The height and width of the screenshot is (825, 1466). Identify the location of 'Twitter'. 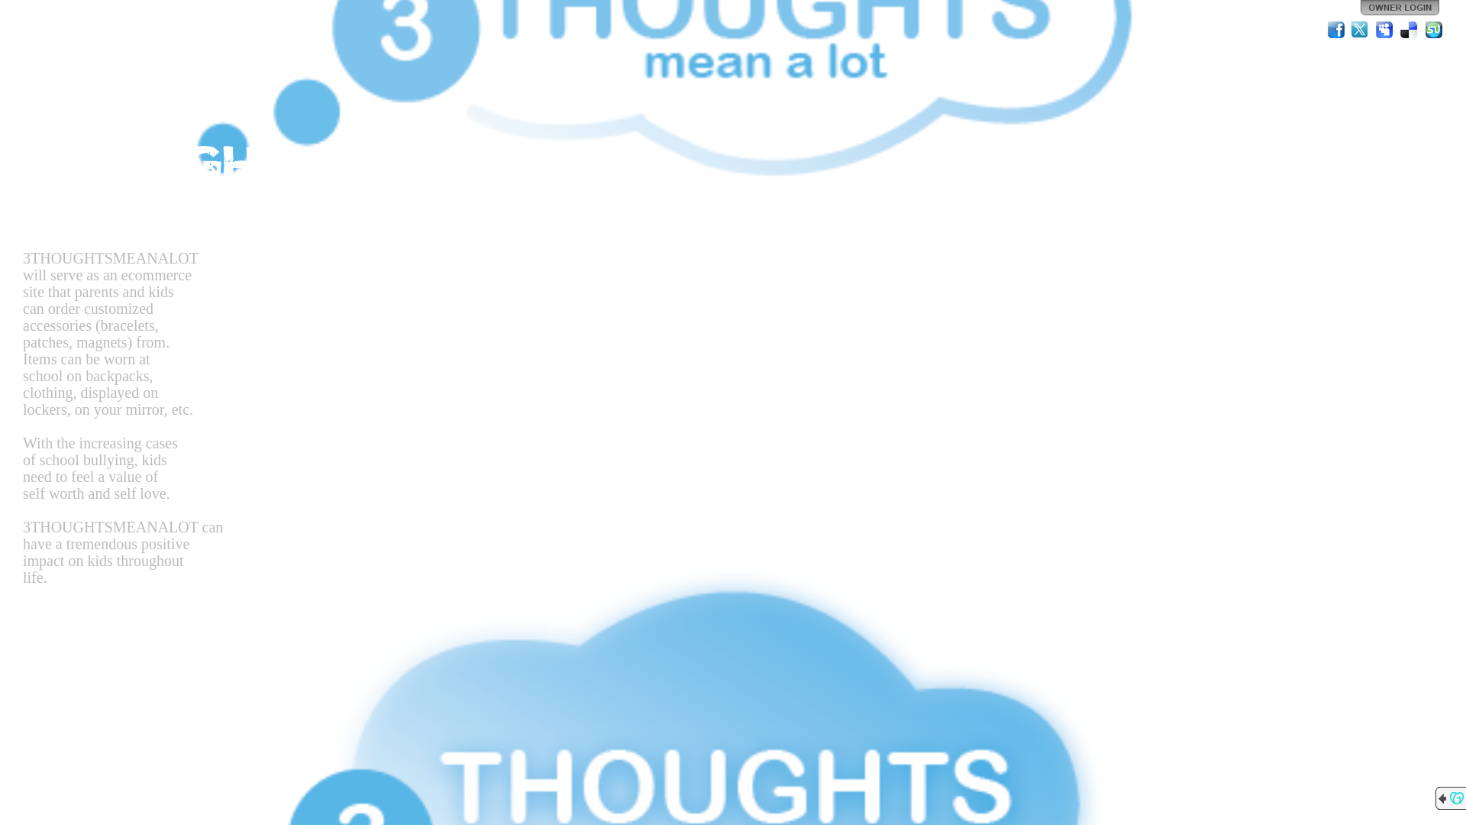
(1349, 29).